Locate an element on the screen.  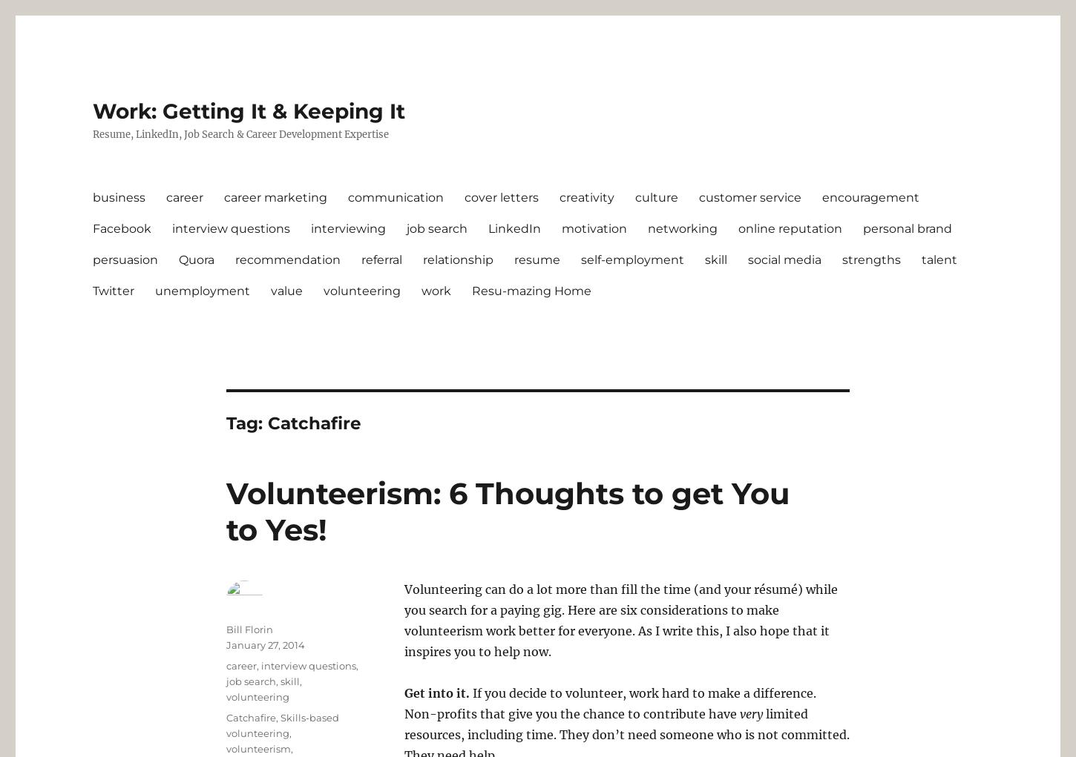
'encouragement' is located at coordinates (821, 196).